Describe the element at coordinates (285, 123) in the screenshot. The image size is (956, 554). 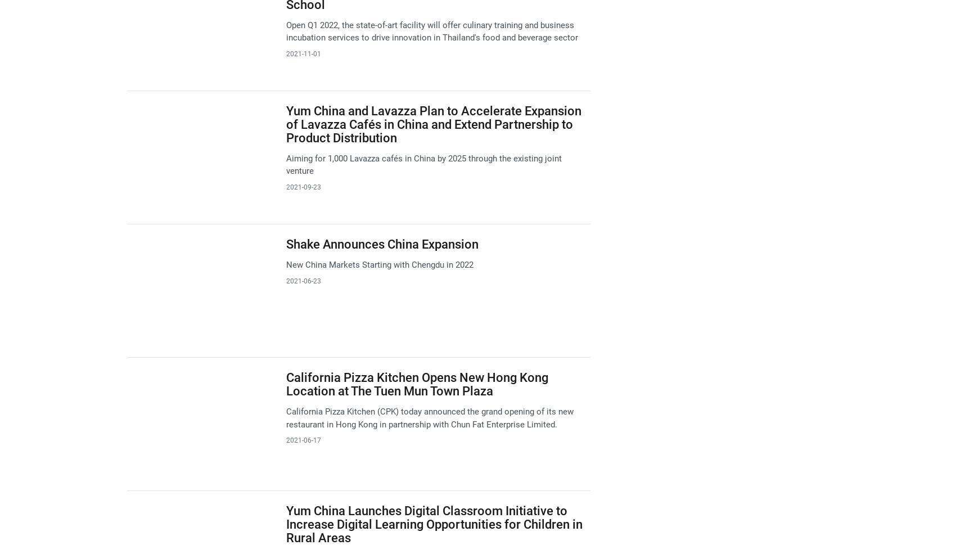
I see `'Yum China and Lavazza Plan to Accelerate Expansion of Lavazza Cafés in China and Extend Partnership to Product Distribution'` at that location.